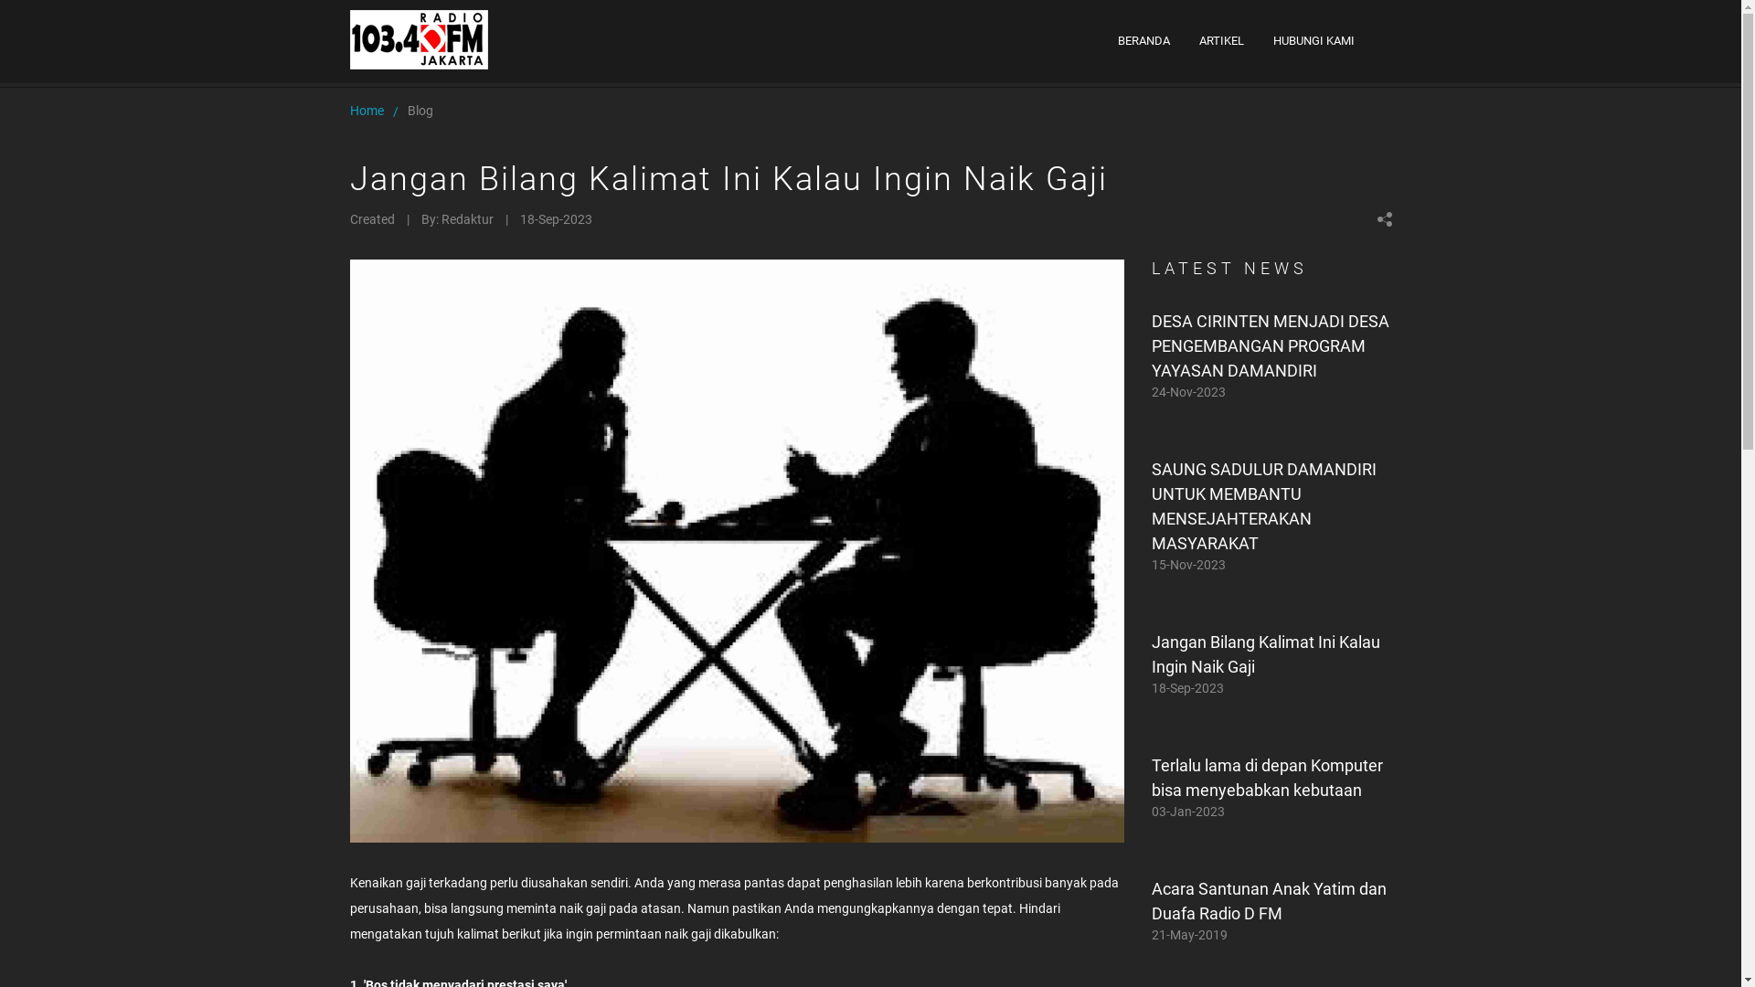  Describe the element at coordinates (1313, 41) in the screenshot. I see `'HUBUNGI KAMI'` at that location.